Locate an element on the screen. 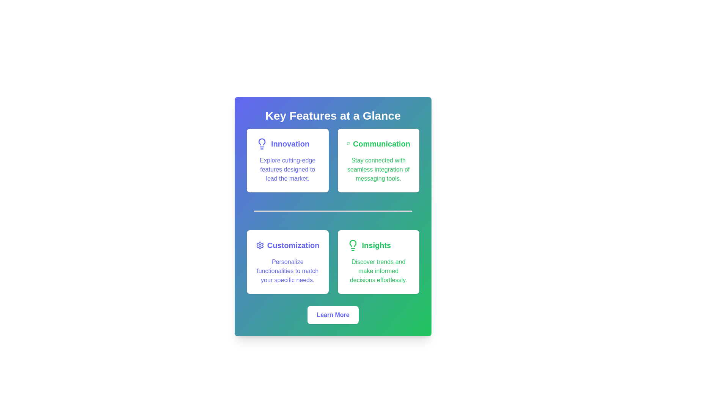  the Text (Heading) element that displays the word 'Communication', styled in large, bold green font, located in the top-right section of the interface, adjacent to an icon and above descriptive text is located at coordinates (381, 144).